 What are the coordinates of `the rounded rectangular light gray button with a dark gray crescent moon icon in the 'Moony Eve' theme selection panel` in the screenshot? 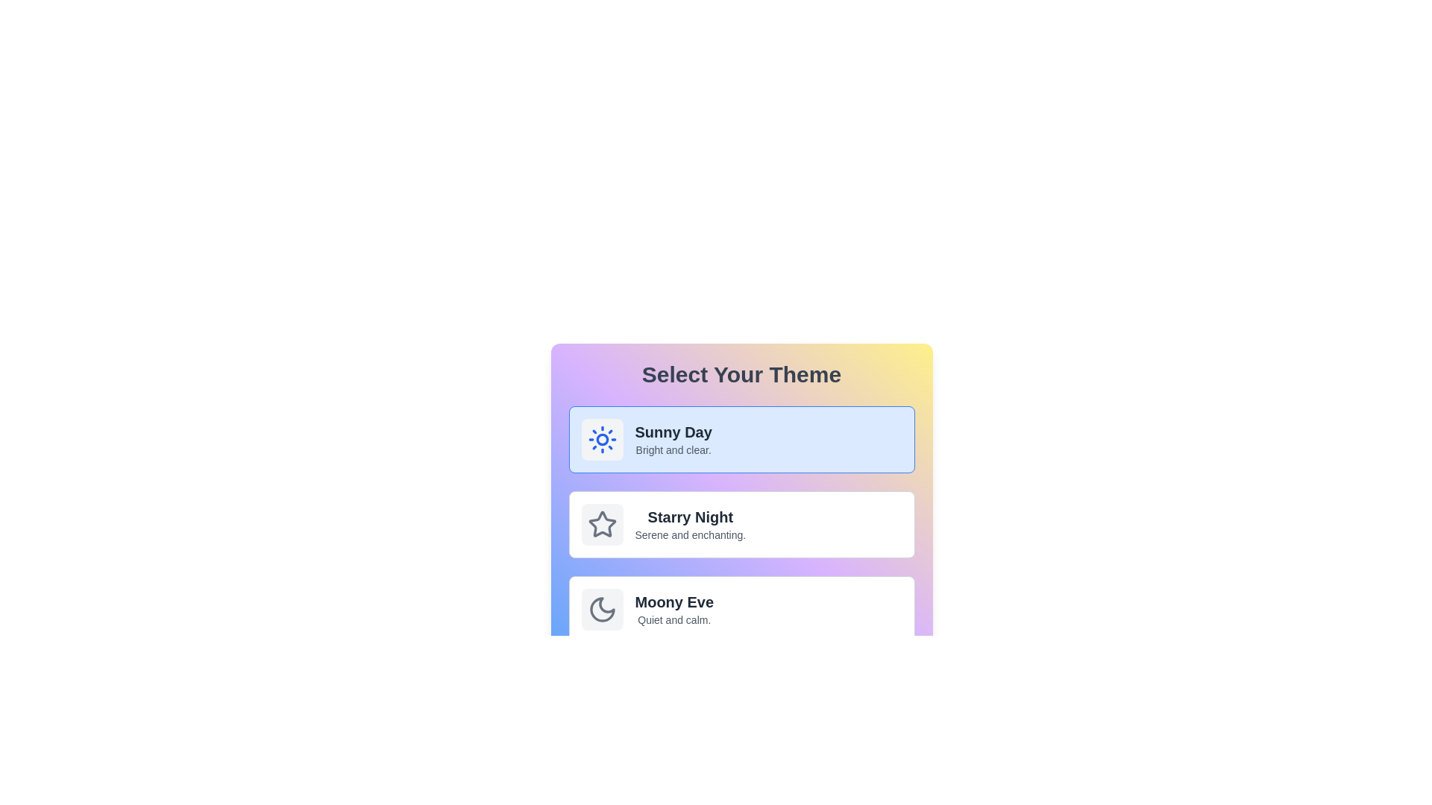 It's located at (602, 609).